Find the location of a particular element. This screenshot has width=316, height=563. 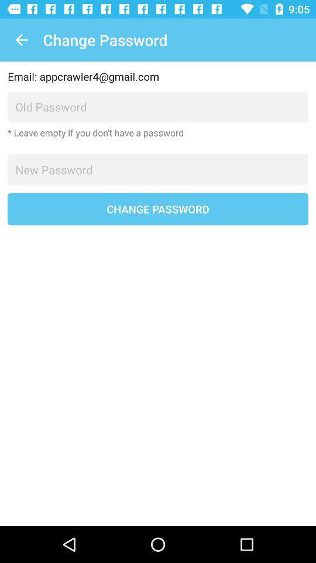

login password change is located at coordinates (158, 169).